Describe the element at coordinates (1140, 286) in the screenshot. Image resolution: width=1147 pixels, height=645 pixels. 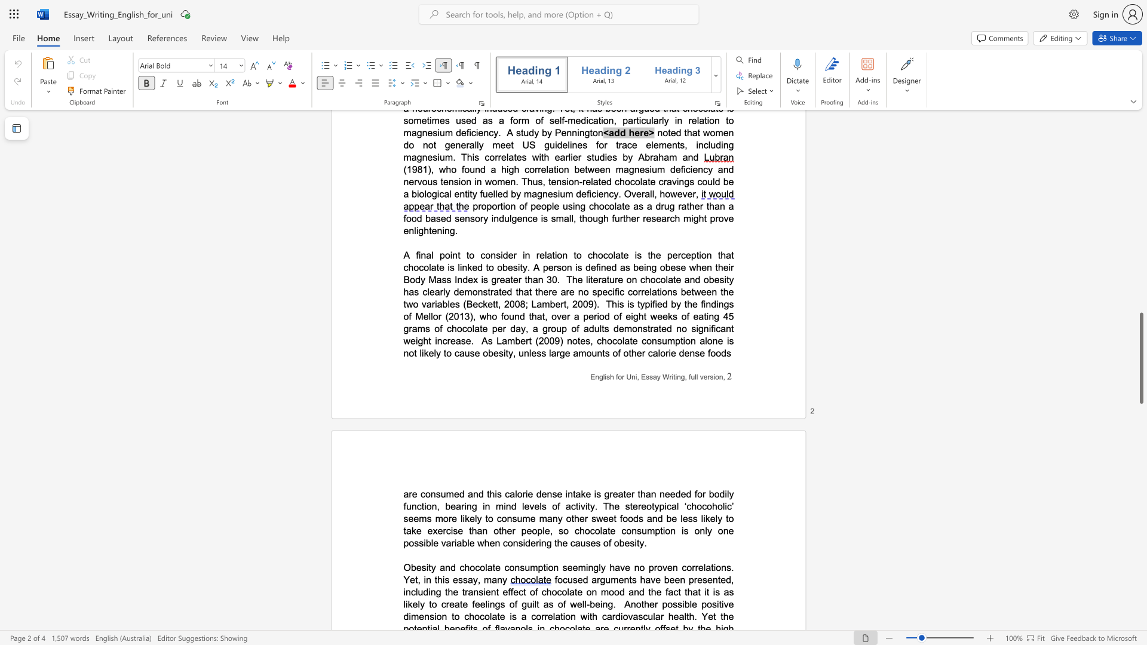
I see `the page's right scrollbar for upward movement` at that location.